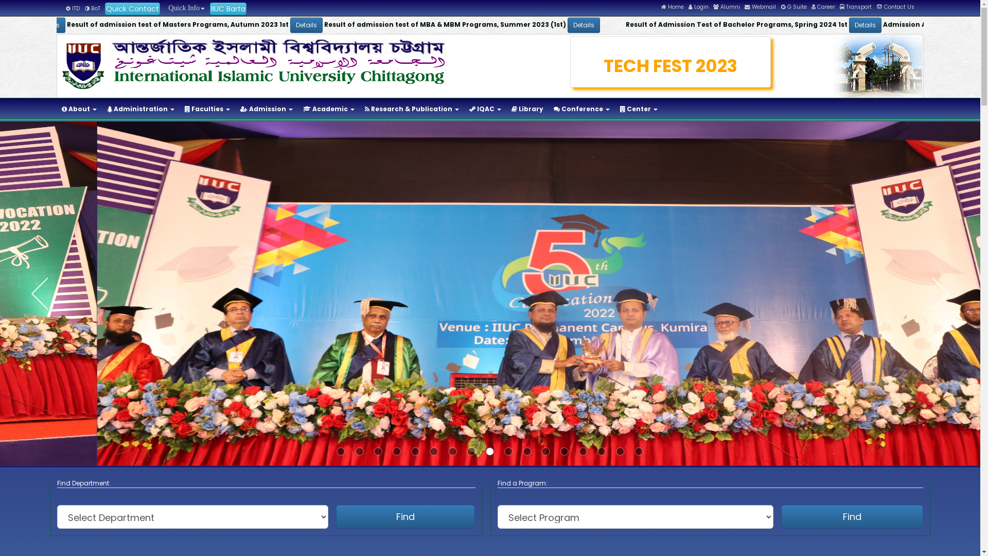 The height and width of the screenshot is (556, 988). I want to click on 'Administration', so click(140, 109).